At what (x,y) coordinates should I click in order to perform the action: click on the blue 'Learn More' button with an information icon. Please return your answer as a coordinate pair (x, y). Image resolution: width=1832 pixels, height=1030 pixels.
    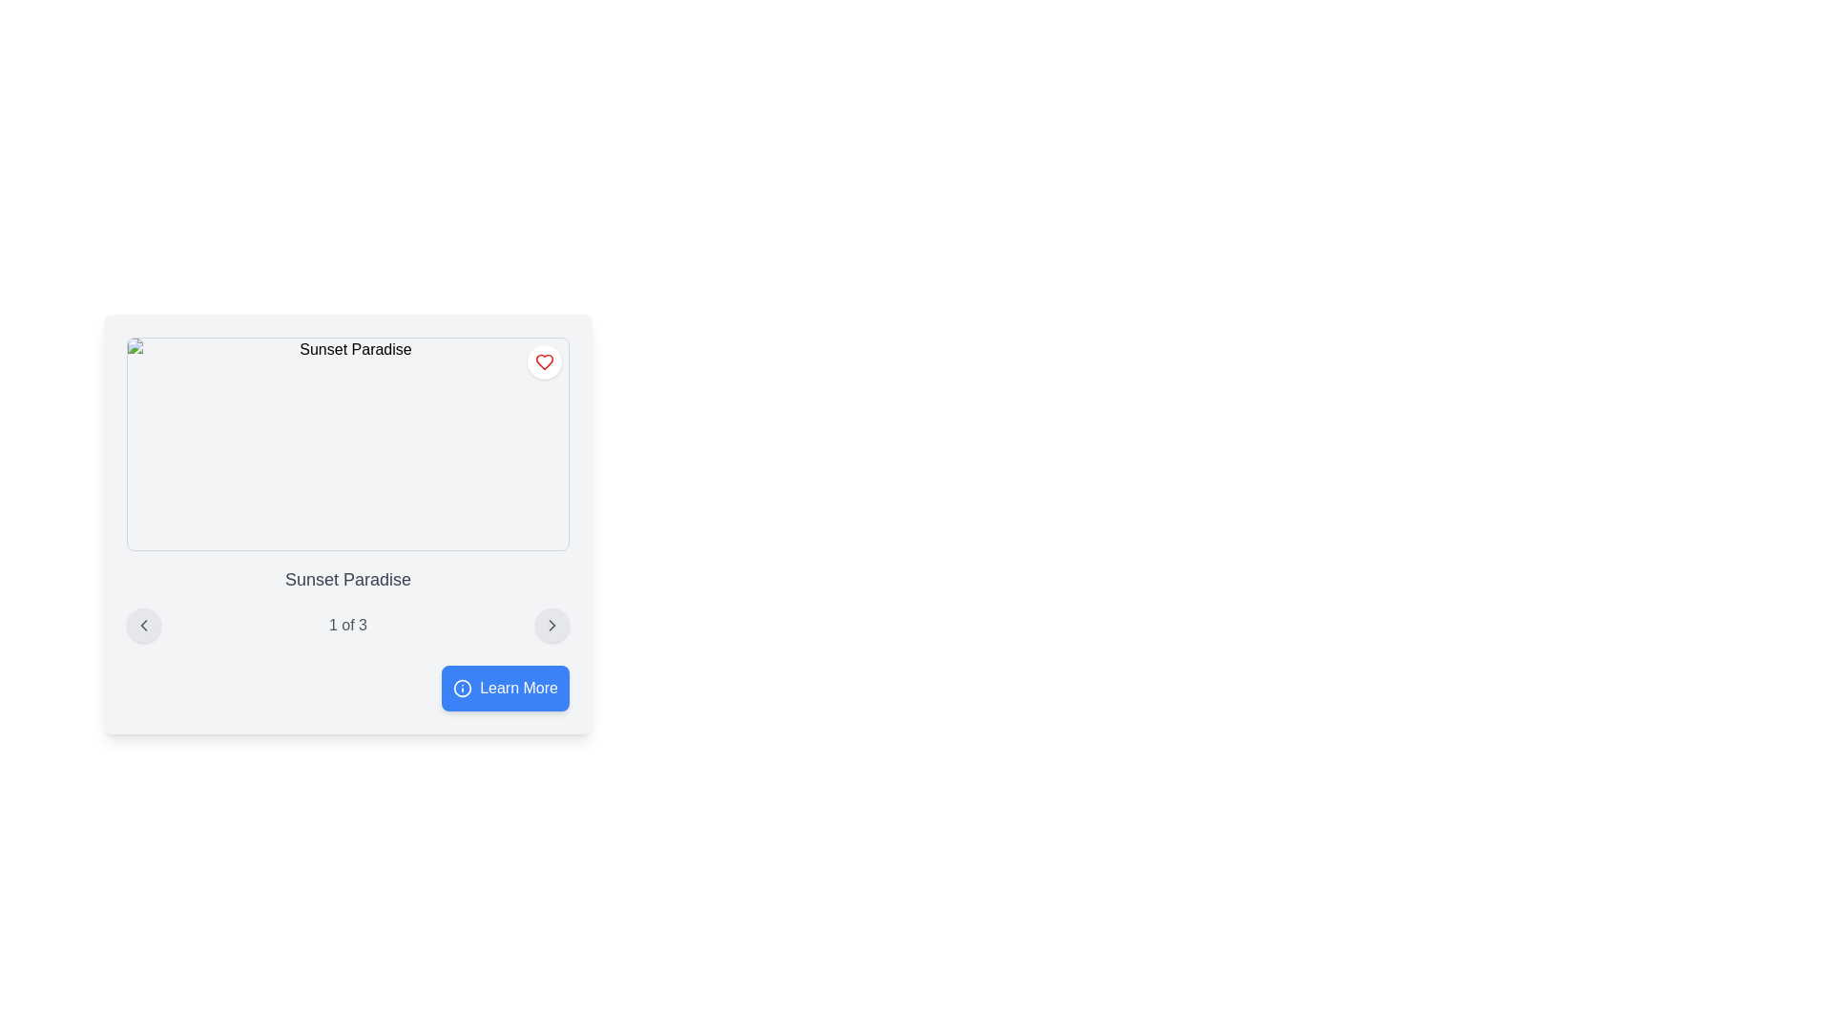
    Looking at the image, I should click on (506, 688).